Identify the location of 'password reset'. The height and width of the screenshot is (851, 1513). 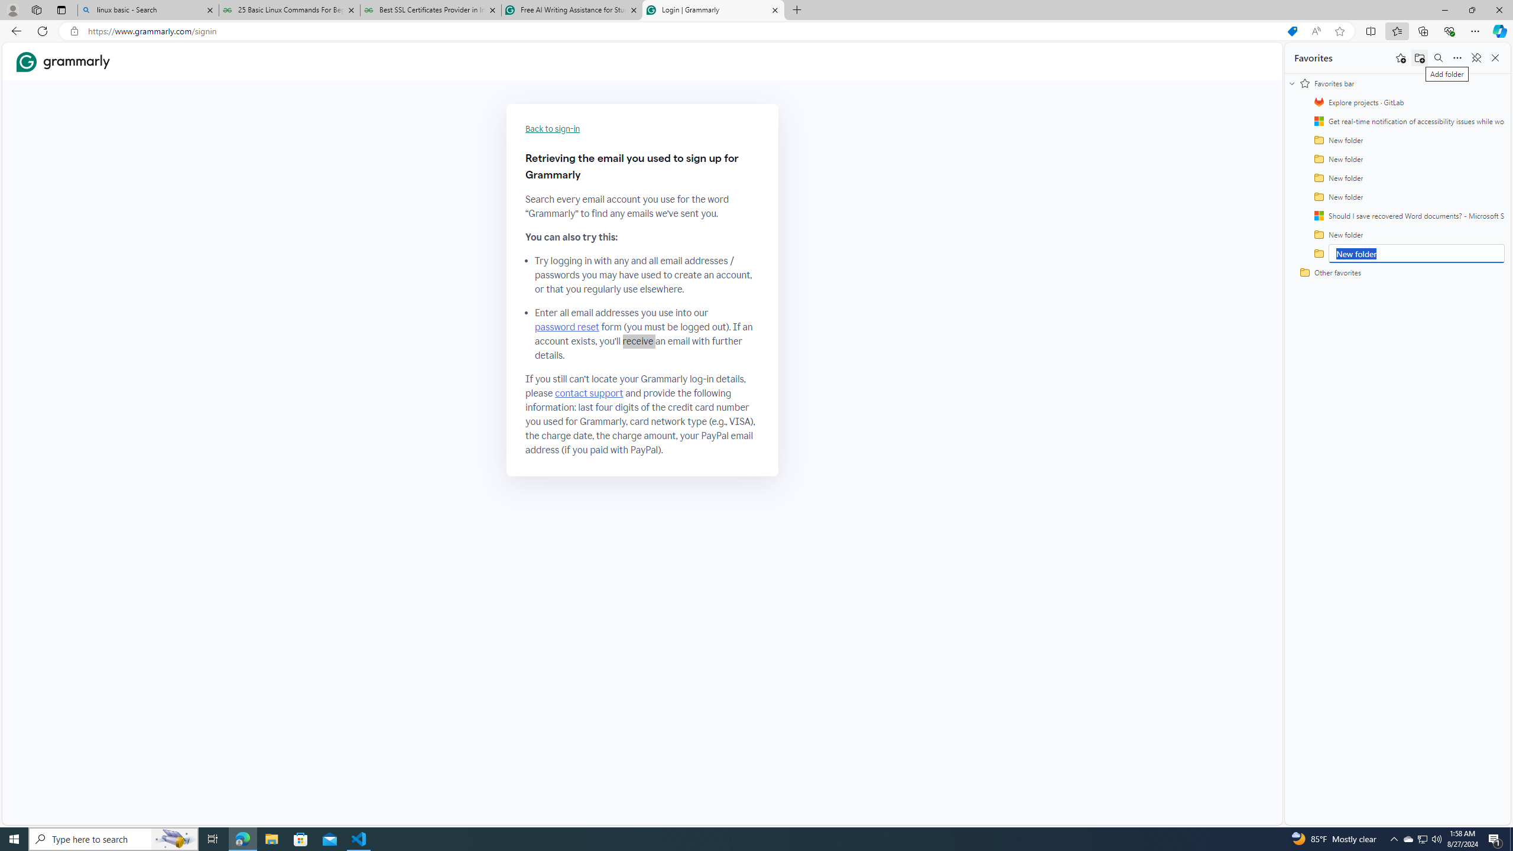
(567, 326).